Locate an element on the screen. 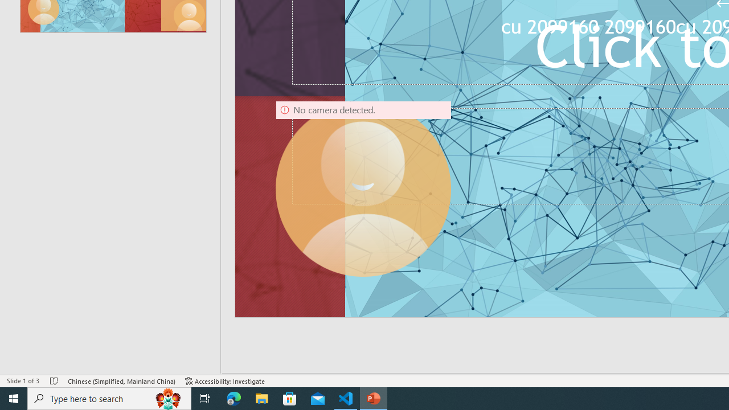 This screenshot has width=729, height=410. 'Accessibility Checker Accessibility: Investigate' is located at coordinates (225, 381).